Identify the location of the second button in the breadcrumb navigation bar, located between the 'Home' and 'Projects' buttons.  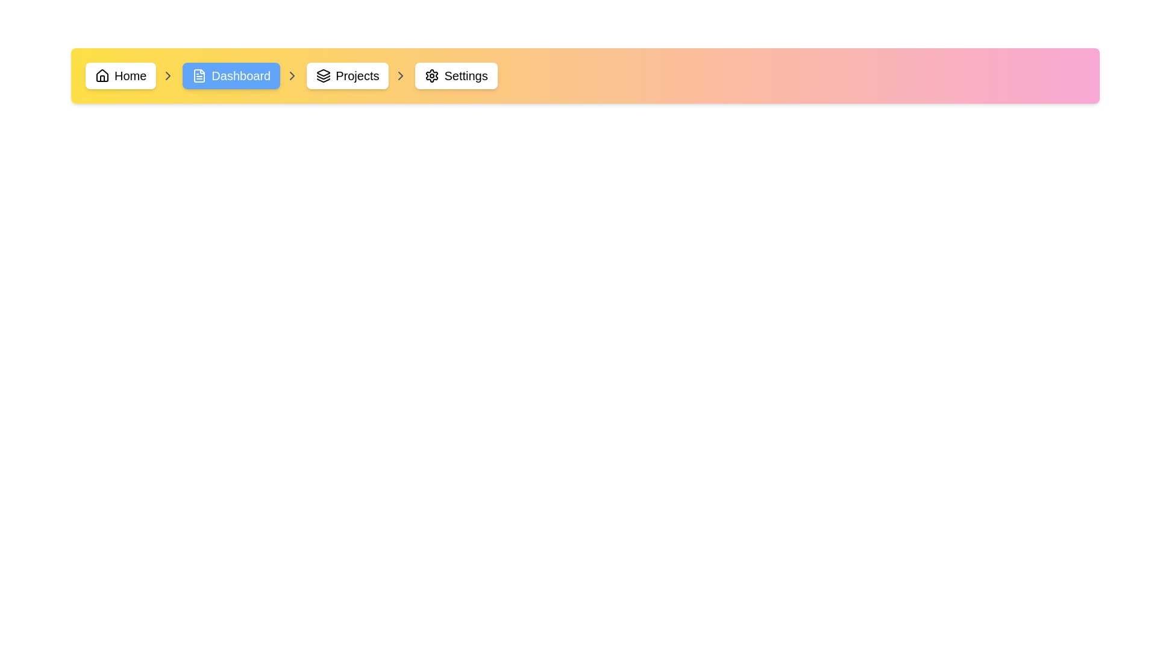
(241, 76).